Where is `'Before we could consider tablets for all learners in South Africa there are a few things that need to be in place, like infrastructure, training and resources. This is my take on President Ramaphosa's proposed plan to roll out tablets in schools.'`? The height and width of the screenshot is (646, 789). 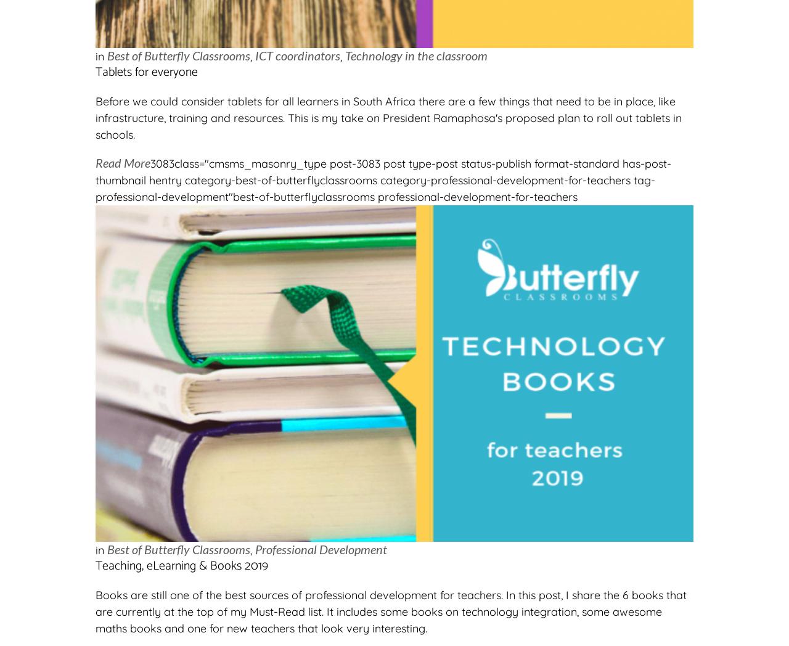
'Before we could consider tablets for all learners in South Africa there are a few things that need to be in place, like infrastructure, training and resources. This is my take on President Ramaphosa's proposed plan to roll out tablets in schools.' is located at coordinates (388, 117).